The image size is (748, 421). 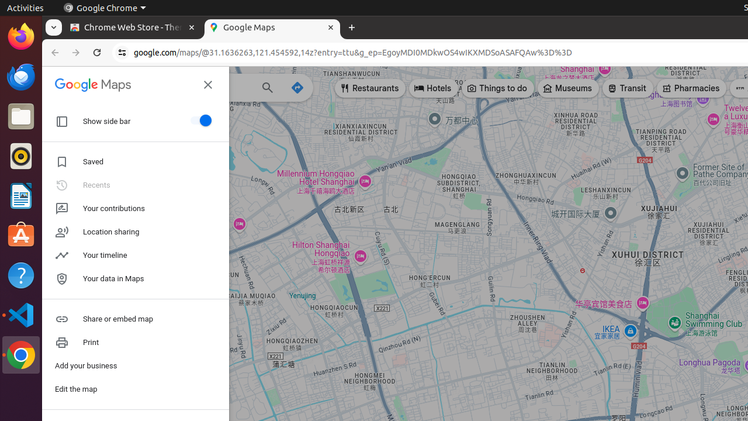 I want to click on 'Transit', so click(x=627, y=87).